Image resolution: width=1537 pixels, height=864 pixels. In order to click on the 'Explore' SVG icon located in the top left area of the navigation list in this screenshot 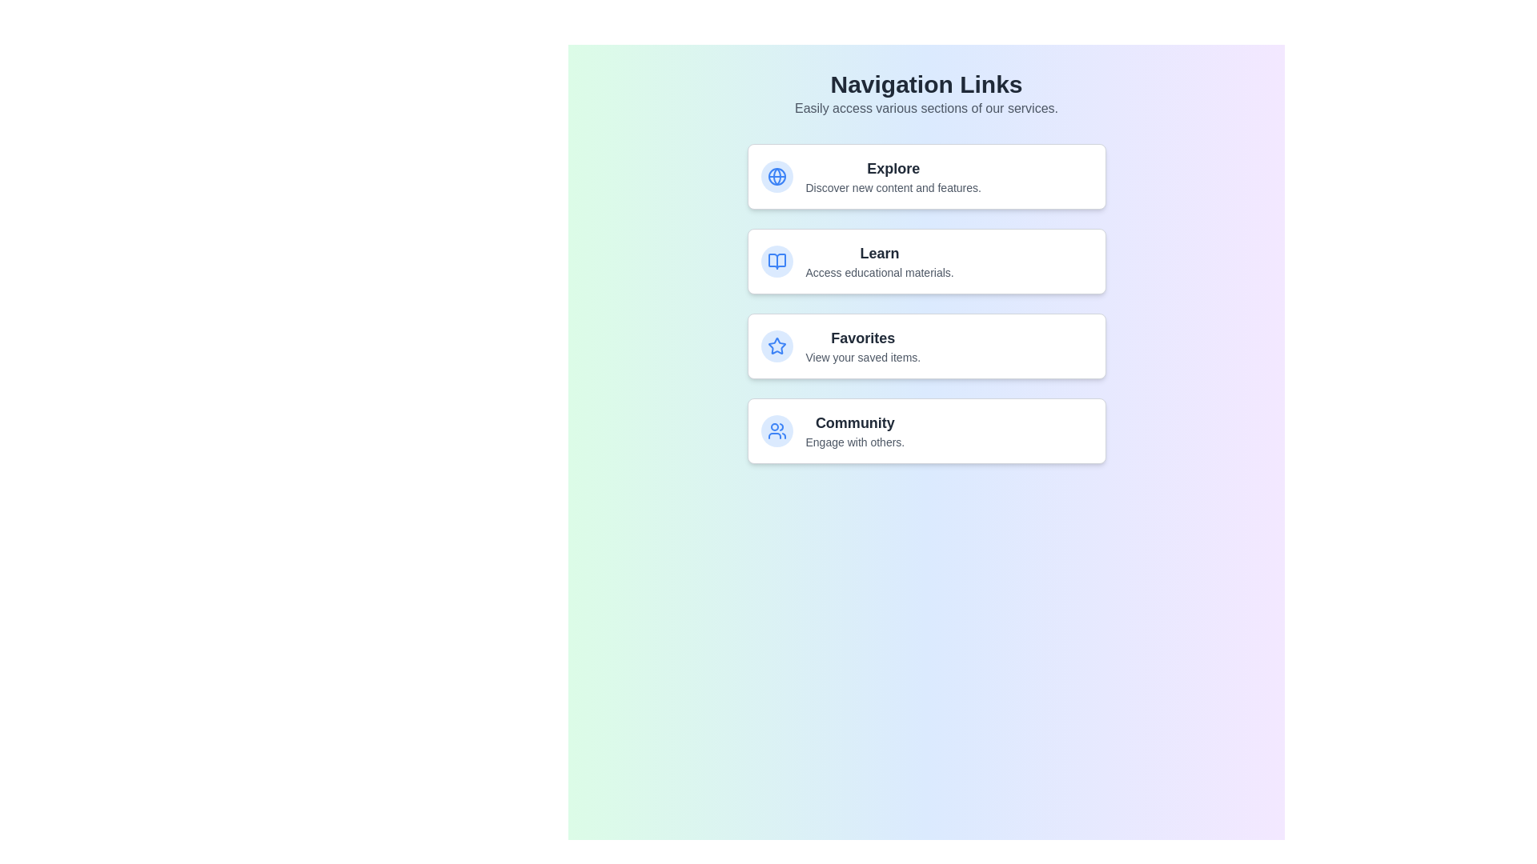, I will do `click(777, 176)`.